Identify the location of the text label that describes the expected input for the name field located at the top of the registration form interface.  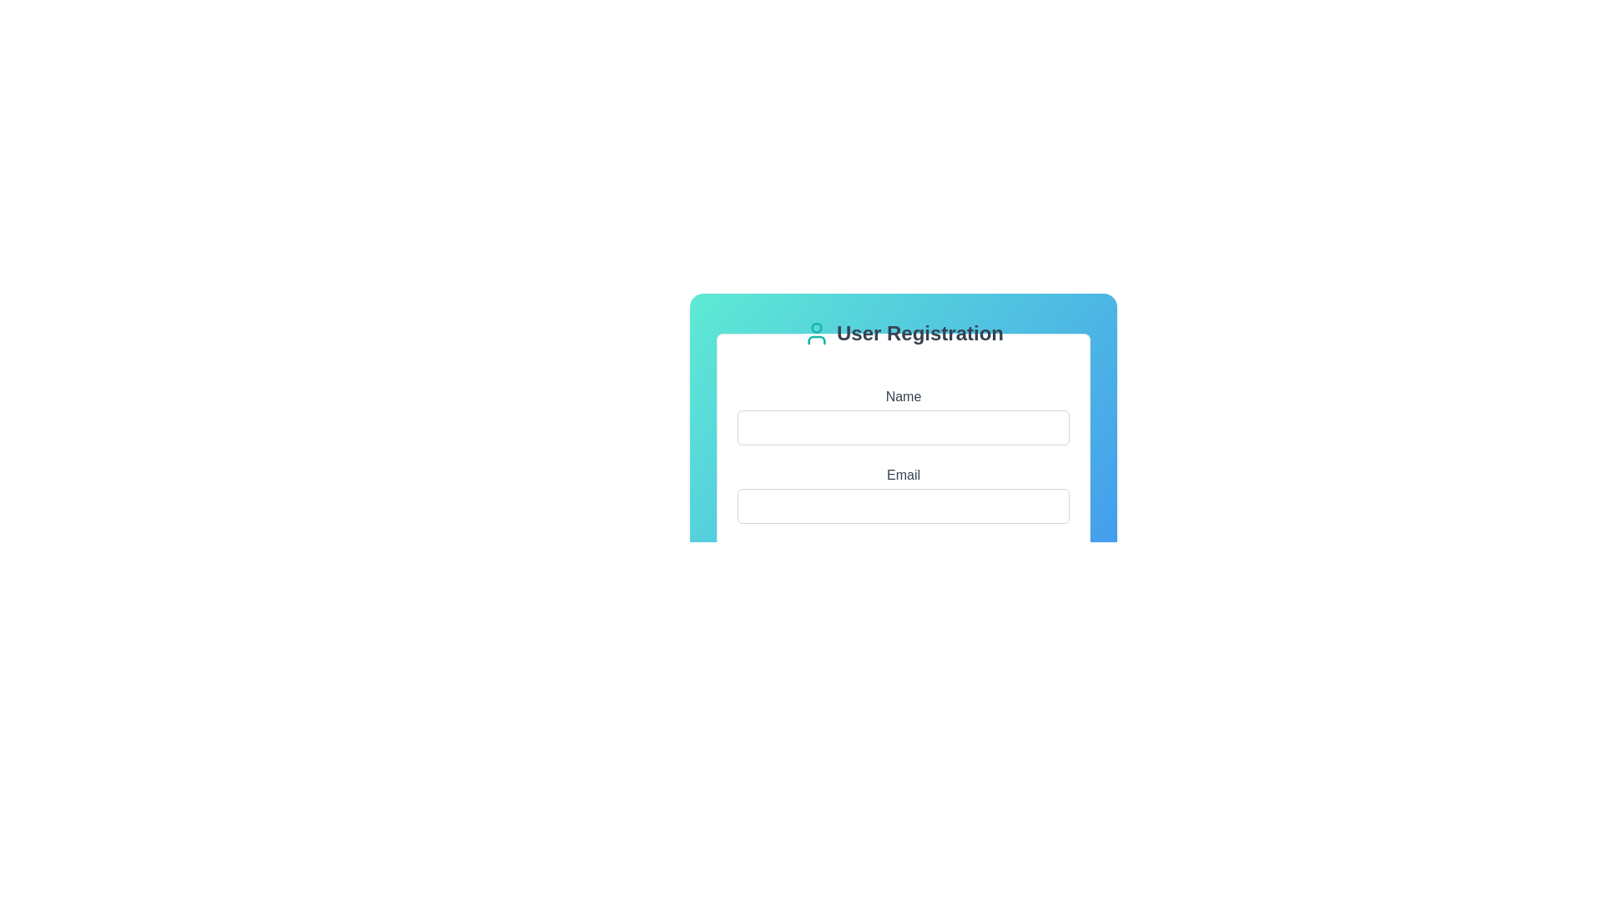
(903, 396).